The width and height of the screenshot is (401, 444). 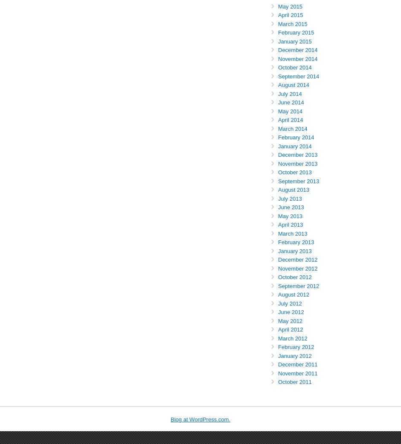 I want to click on 'April 2012', so click(x=290, y=329).